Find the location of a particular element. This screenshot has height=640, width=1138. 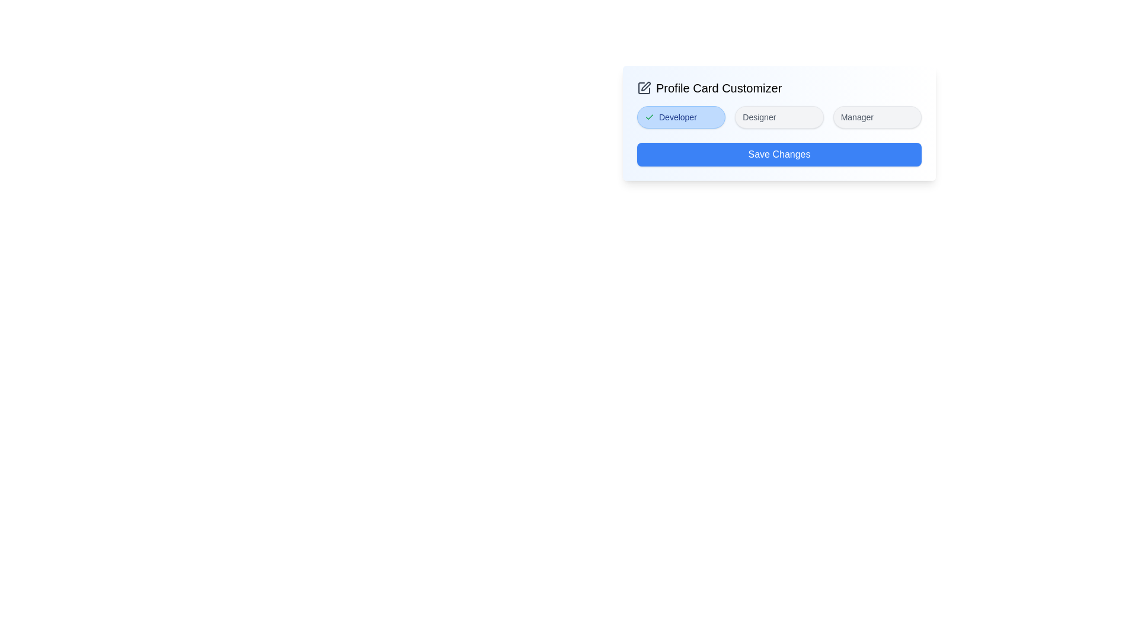

the Designer tag to toggle its selection is located at coordinates (779, 117).